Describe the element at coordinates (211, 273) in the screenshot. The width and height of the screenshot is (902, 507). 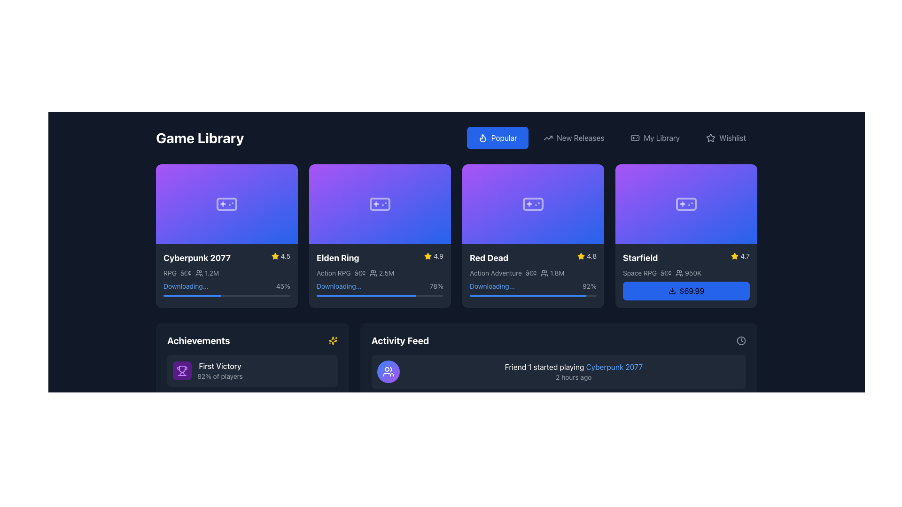
I see `the text label that displays a measurable value or statistic related to the game 'Cyberpunk 2077', located below the game card and within the first column of the grid layout` at that location.